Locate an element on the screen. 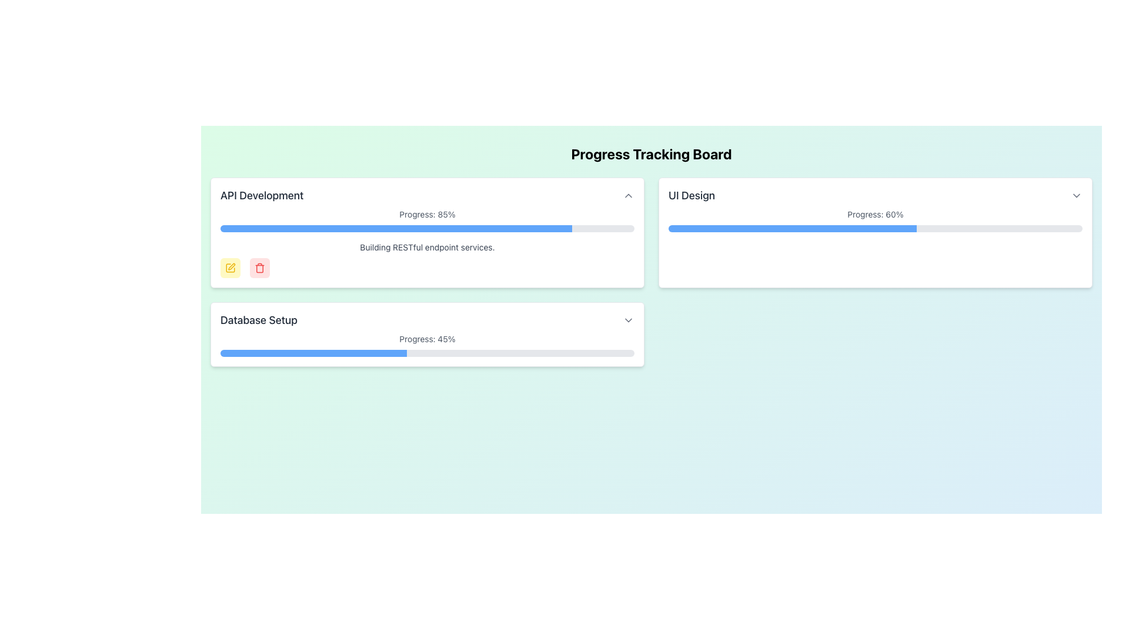 Image resolution: width=1129 pixels, height=635 pixels. the text label that reads 'Building RESTful endpoint services.', which is styled in gray and located under the 'API Development' header is located at coordinates (426, 246).